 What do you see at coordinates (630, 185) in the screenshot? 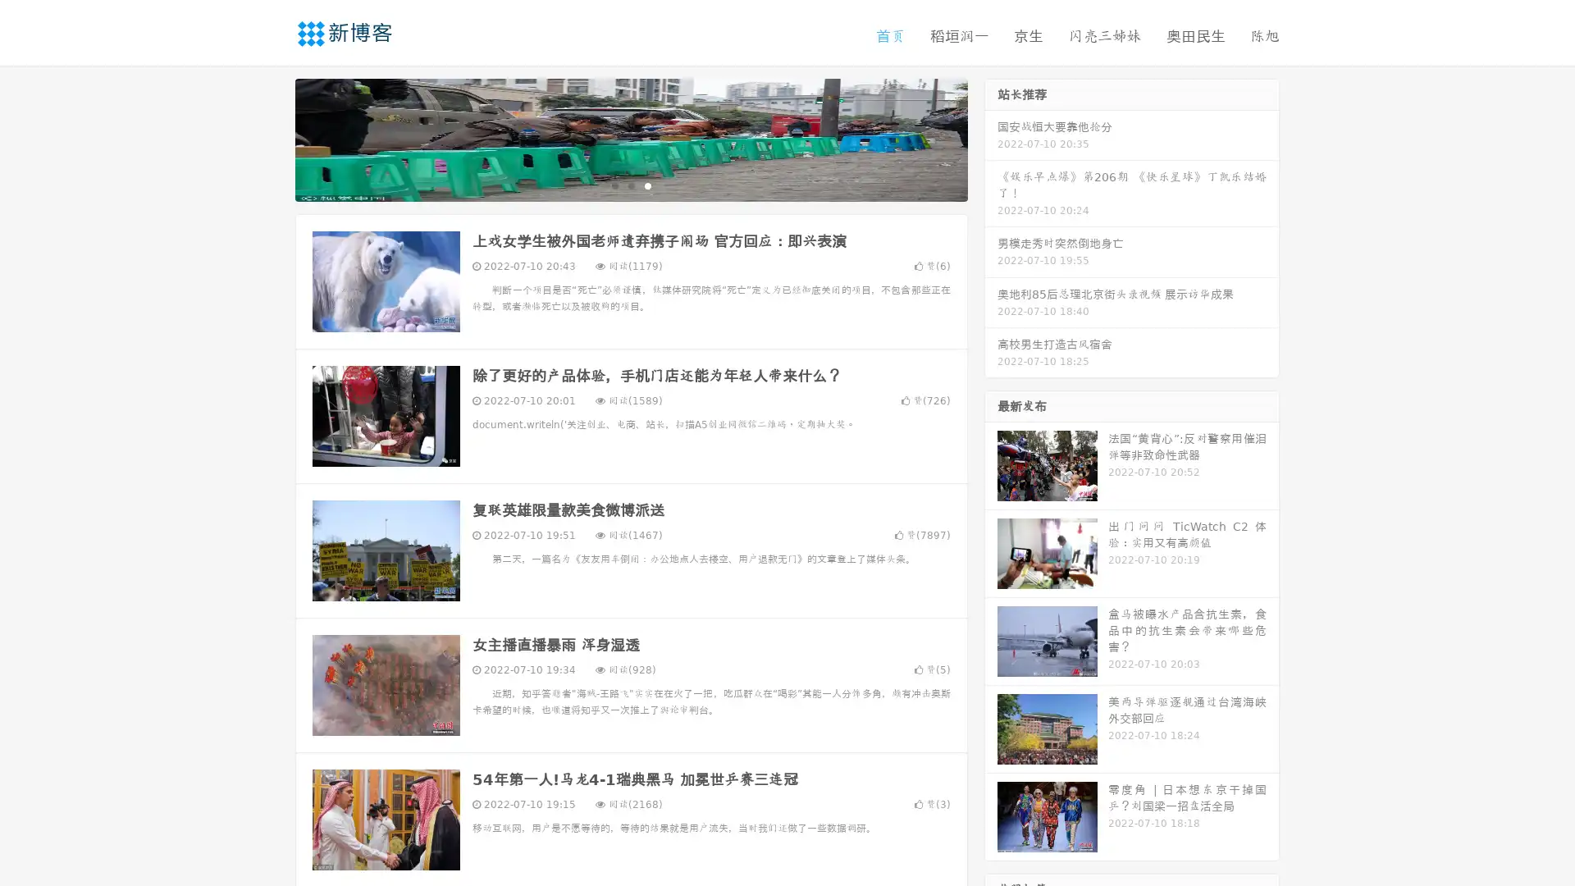
I see `Go to slide 2` at bounding box center [630, 185].